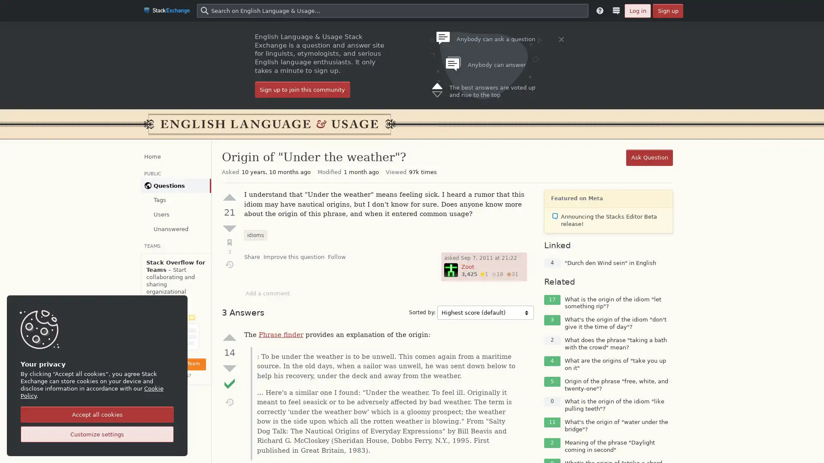  I want to click on Up vote, so click(229, 198).